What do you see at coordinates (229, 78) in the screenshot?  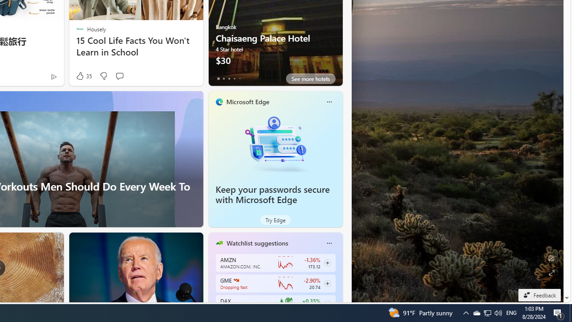 I see `'tab-2'` at bounding box center [229, 78].